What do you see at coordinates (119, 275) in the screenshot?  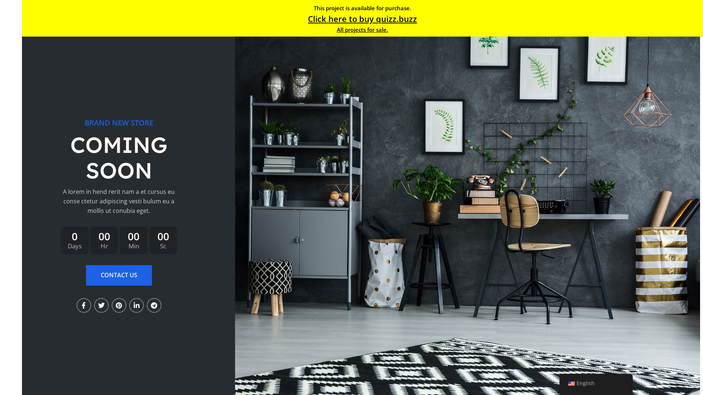 I see `'CONTACT US'` at bounding box center [119, 275].